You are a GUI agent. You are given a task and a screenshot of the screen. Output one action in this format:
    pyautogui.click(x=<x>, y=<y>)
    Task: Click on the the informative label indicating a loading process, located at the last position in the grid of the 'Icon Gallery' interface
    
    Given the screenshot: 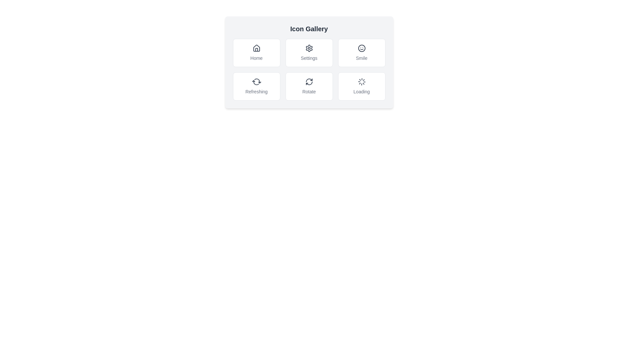 What is the action you would take?
    pyautogui.click(x=361, y=91)
    